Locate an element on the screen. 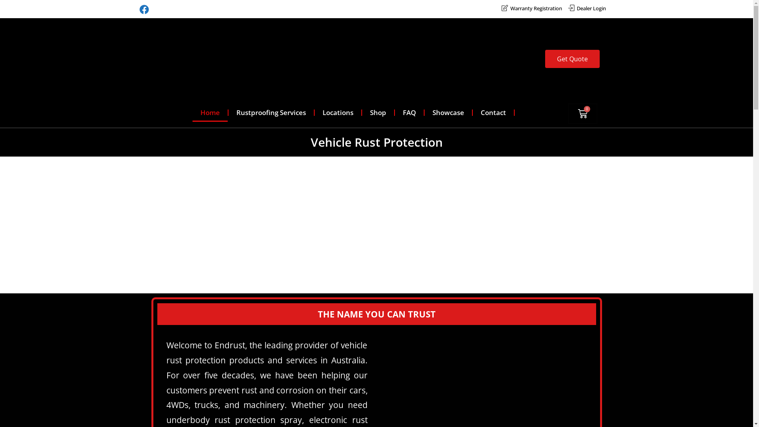  'FAQ' is located at coordinates (409, 113).